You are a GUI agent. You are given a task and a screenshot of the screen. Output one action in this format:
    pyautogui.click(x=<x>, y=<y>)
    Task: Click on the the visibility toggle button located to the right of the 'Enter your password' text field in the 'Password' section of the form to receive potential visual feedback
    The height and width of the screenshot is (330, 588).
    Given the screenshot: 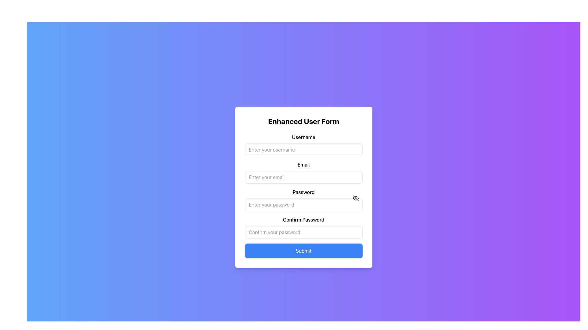 What is the action you would take?
    pyautogui.click(x=356, y=198)
    